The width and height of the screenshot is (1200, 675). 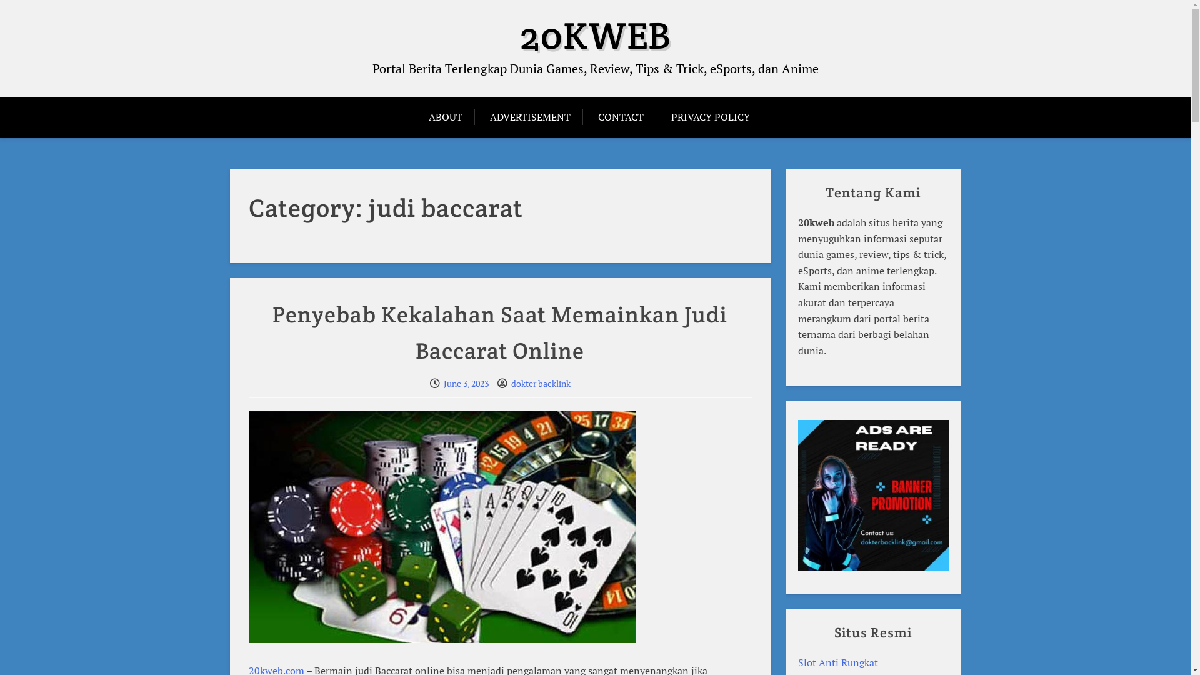 I want to click on 'ADVERTISEMENT', so click(x=530, y=117).